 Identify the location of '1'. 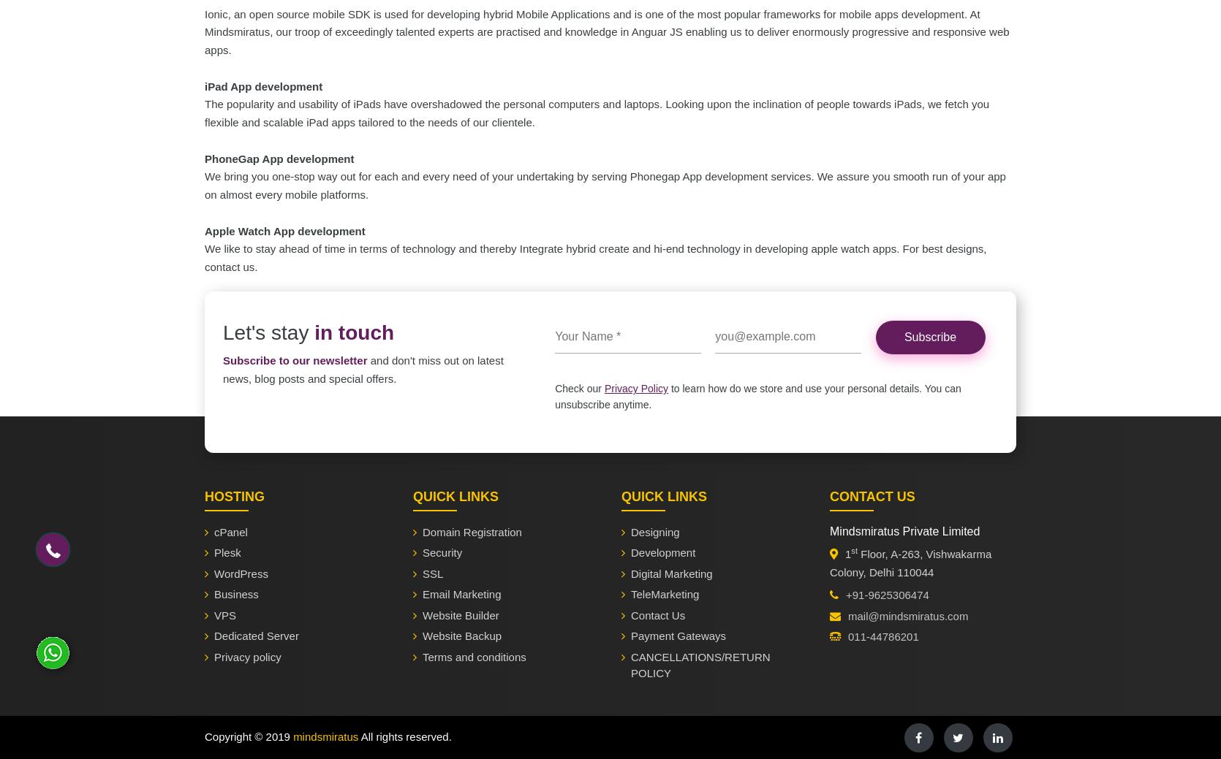
(847, 552).